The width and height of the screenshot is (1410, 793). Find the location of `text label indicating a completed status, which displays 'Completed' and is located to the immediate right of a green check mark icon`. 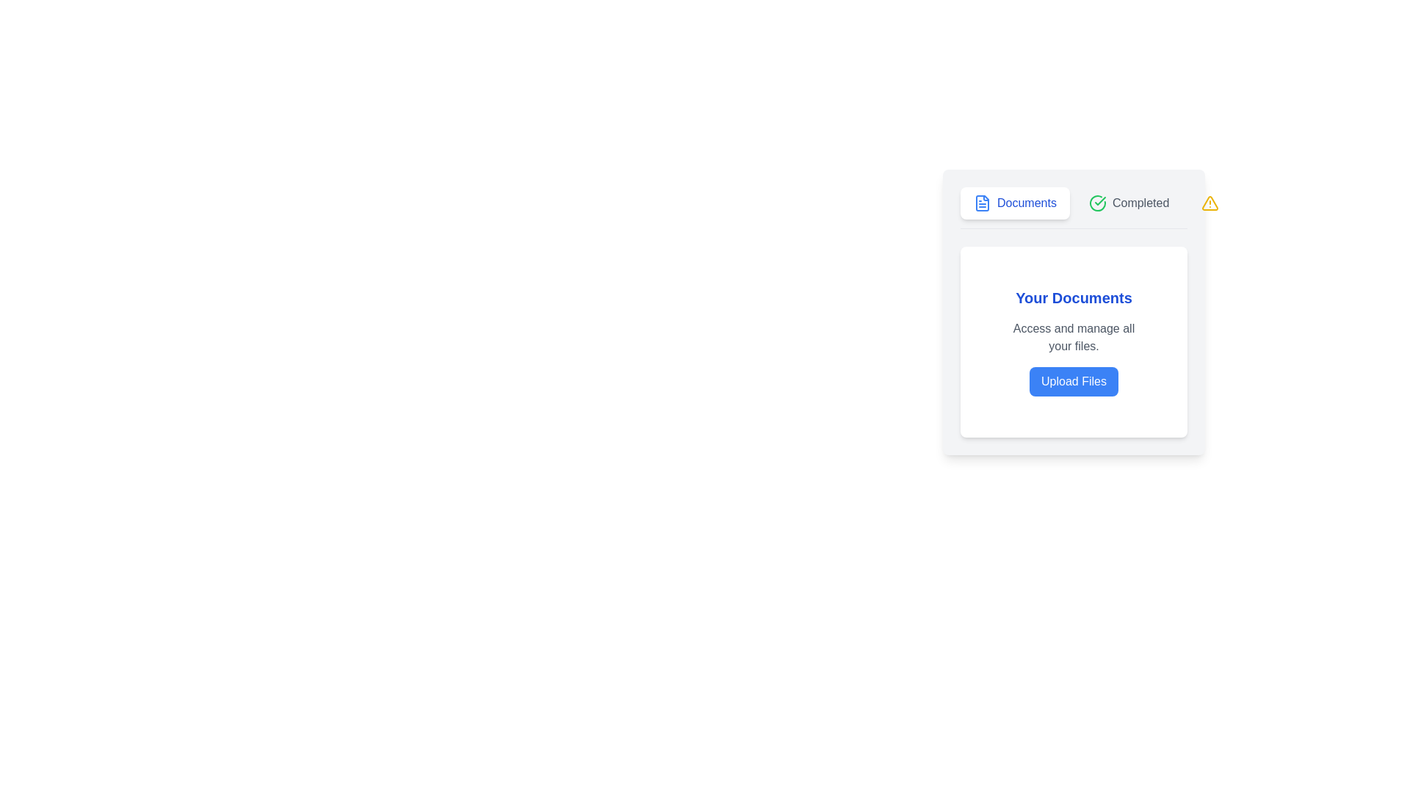

text label indicating a completed status, which displays 'Completed' and is located to the immediate right of a green check mark icon is located at coordinates (1140, 203).